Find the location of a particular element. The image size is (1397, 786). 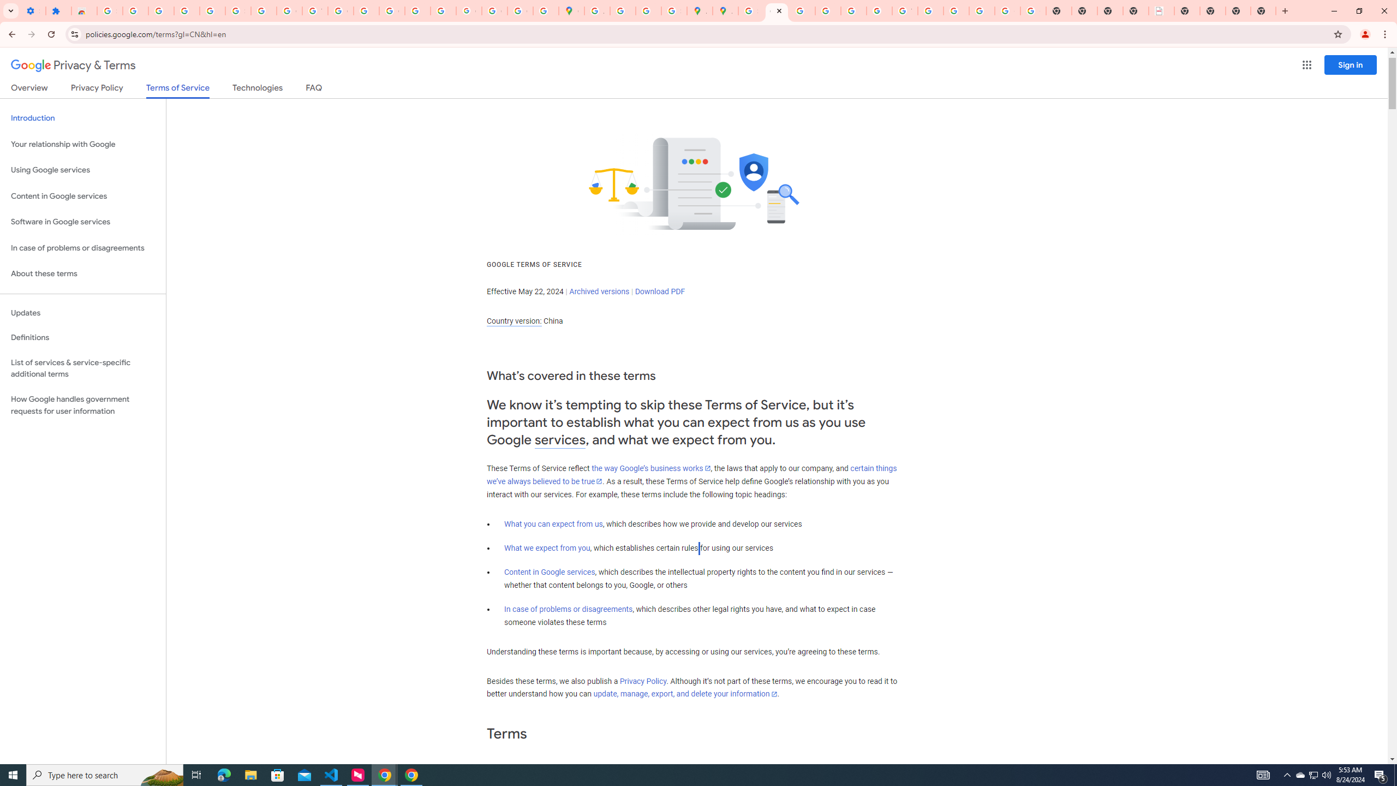

'Sign in - Google Accounts' is located at coordinates (109, 10).